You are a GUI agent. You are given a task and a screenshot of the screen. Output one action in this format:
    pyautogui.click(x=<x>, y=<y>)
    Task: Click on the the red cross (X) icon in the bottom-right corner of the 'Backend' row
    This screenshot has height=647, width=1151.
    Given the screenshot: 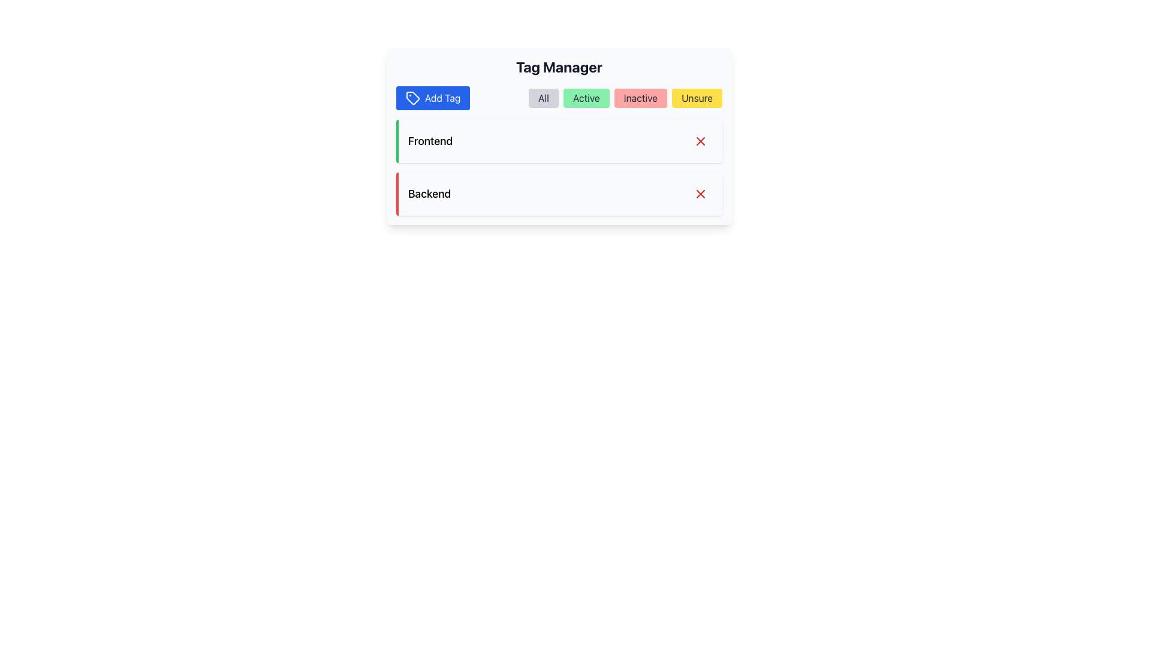 What is the action you would take?
    pyautogui.click(x=701, y=194)
    